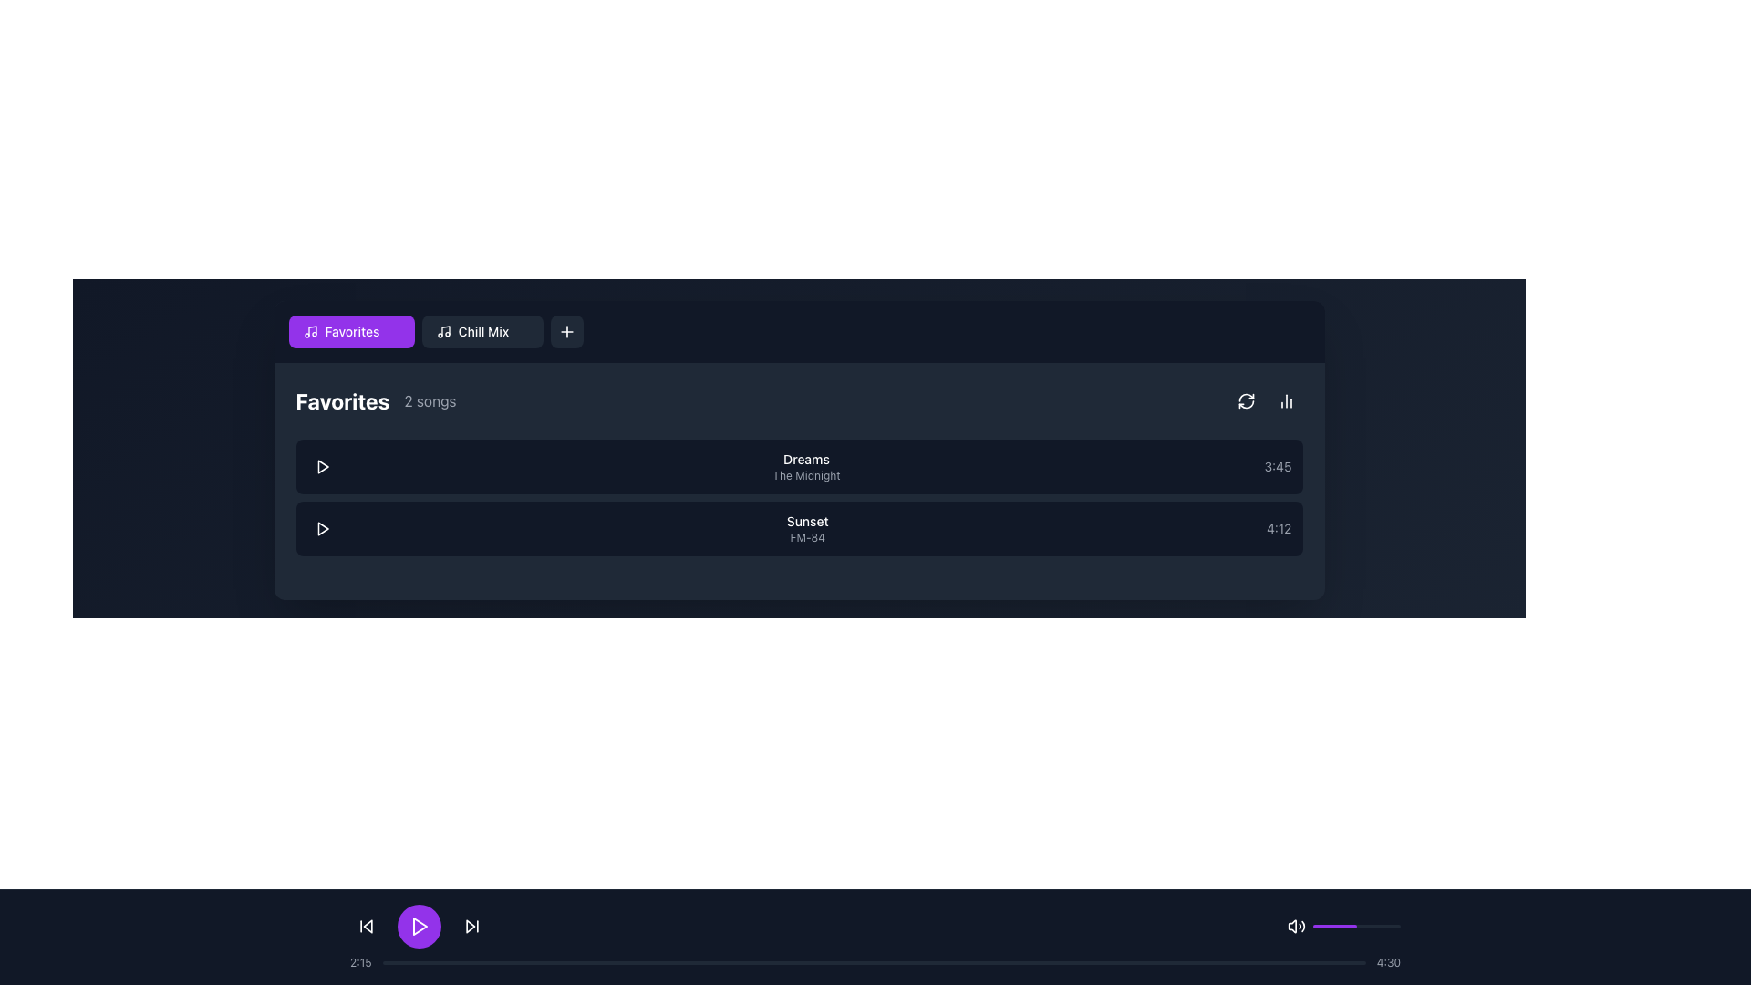  What do you see at coordinates (322, 466) in the screenshot?
I see `the triangular play button icon located to the left of the track title 'Dreams' in the 'Favorites' section of the track list` at bounding box center [322, 466].